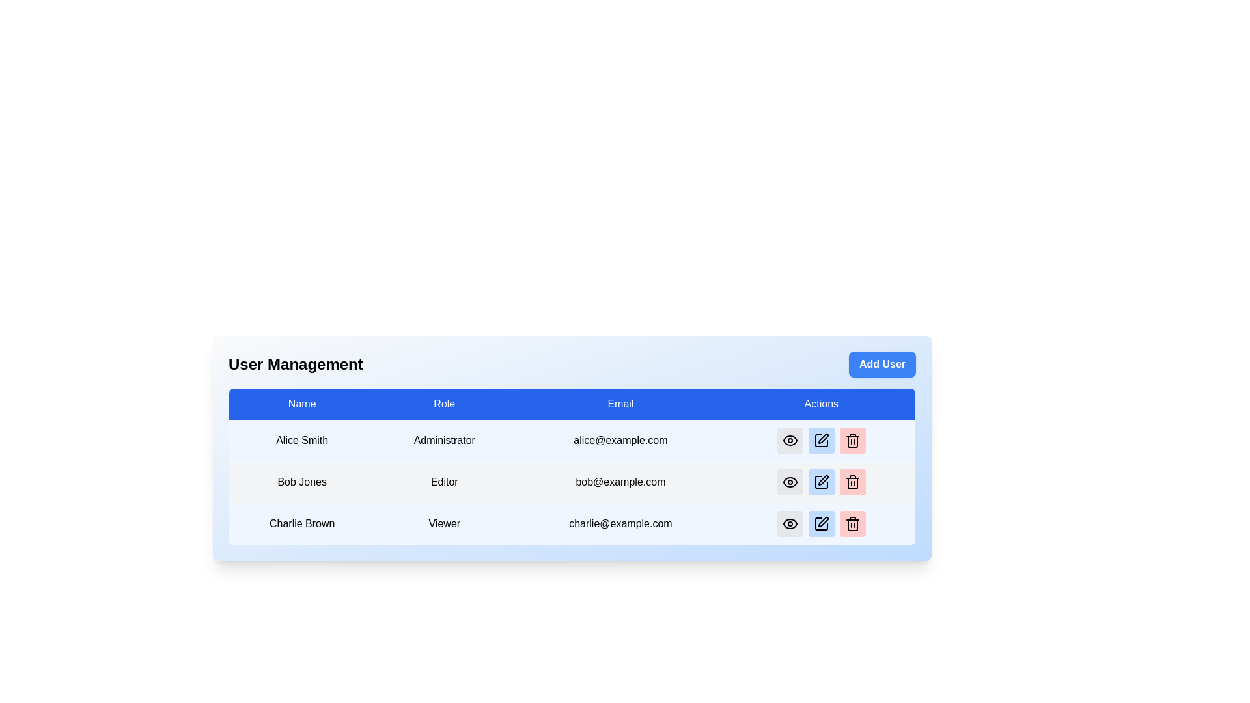 The image size is (1250, 703). I want to click on the last column header labeled 'Actions' in the table, which is styled with a blue background and white text, located on the rightmost side of the header row, so click(821, 403).